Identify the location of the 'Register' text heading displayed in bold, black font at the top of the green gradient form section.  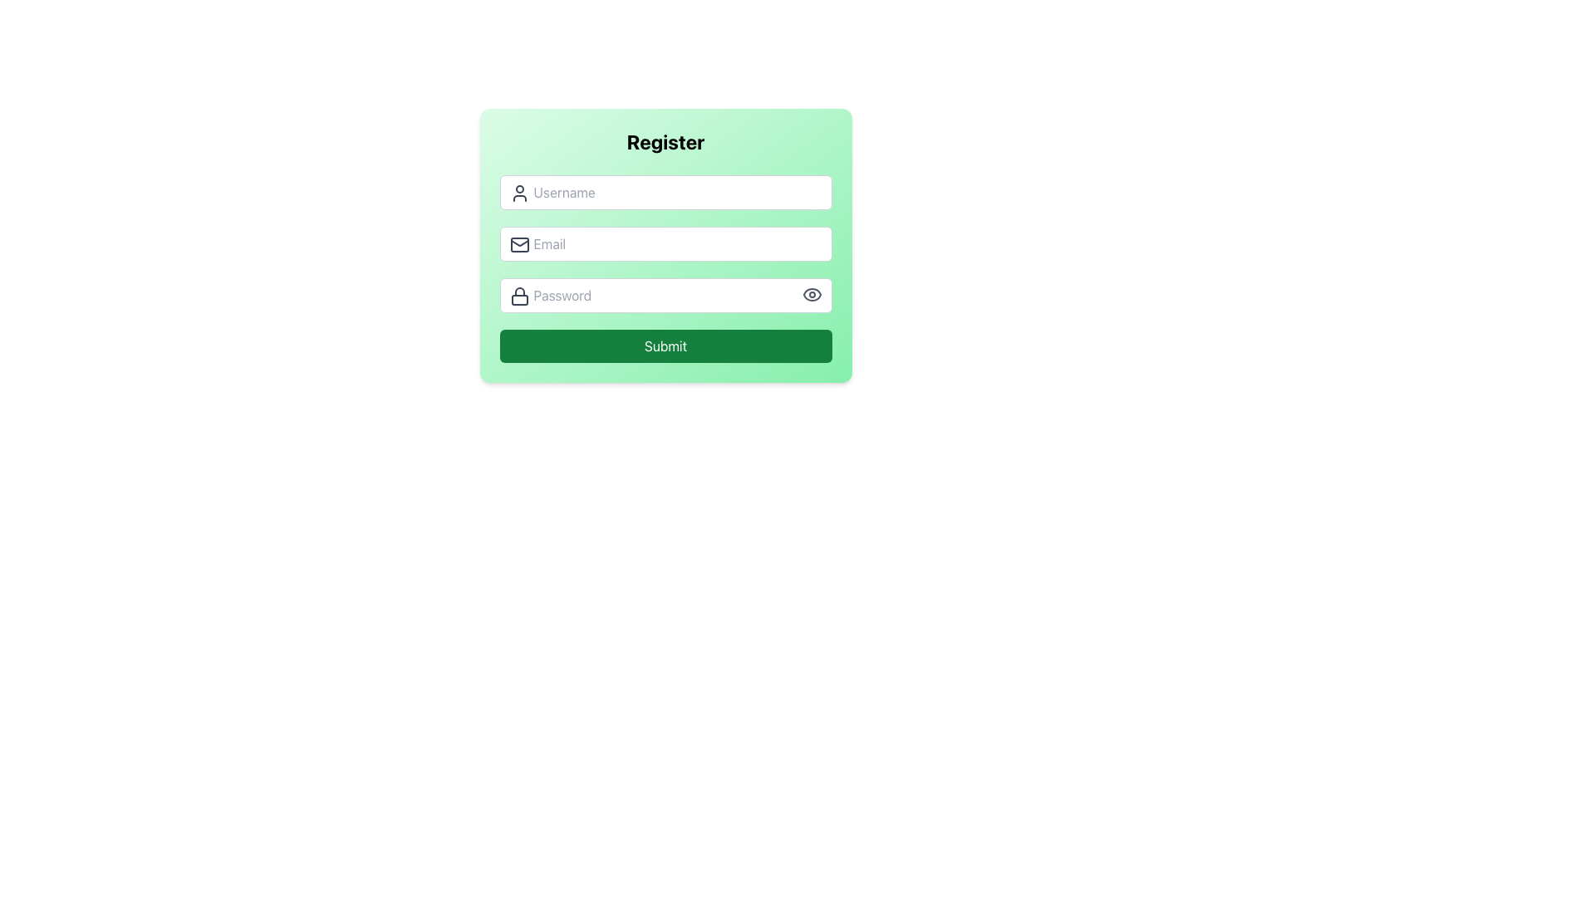
(665, 140).